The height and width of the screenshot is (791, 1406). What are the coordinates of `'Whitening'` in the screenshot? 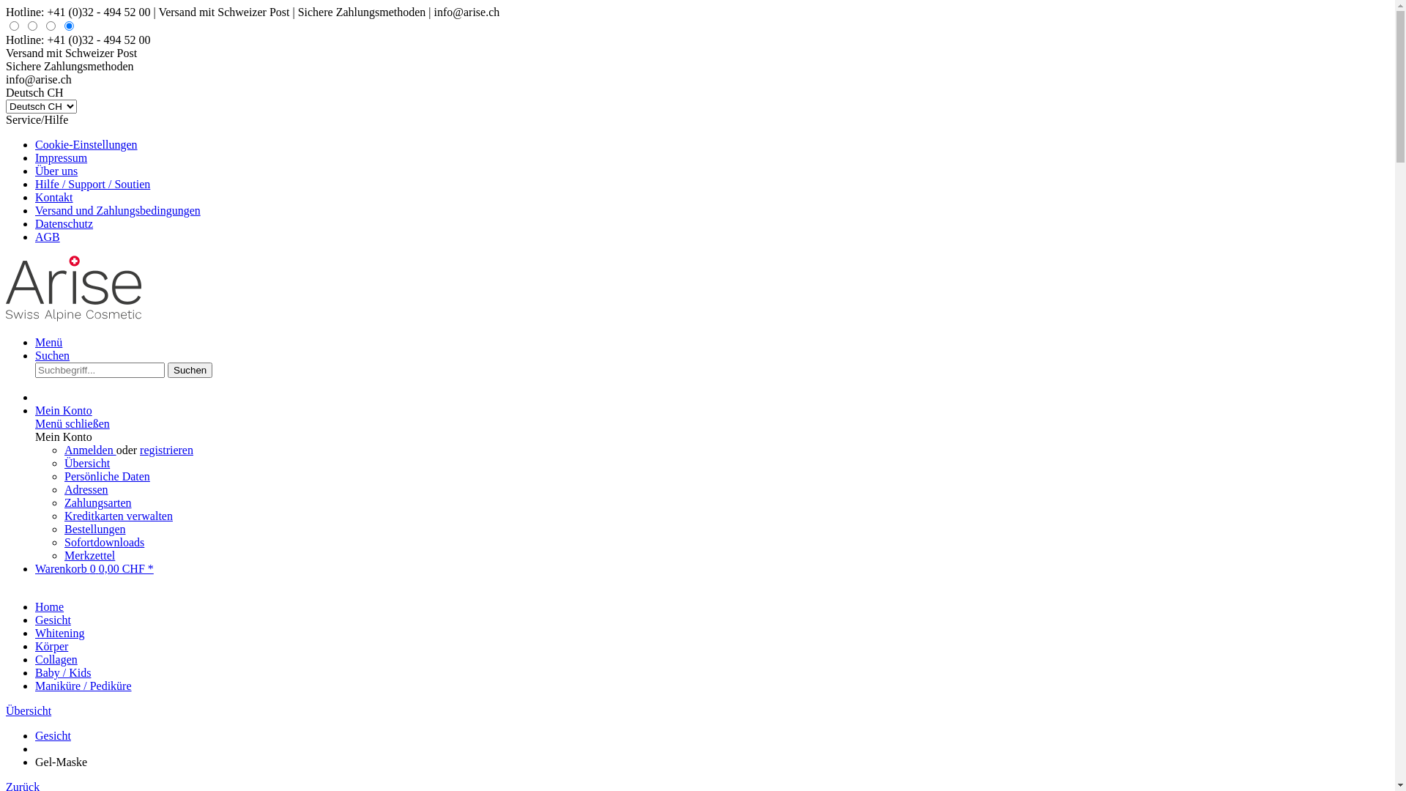 It's located at (59, 632).